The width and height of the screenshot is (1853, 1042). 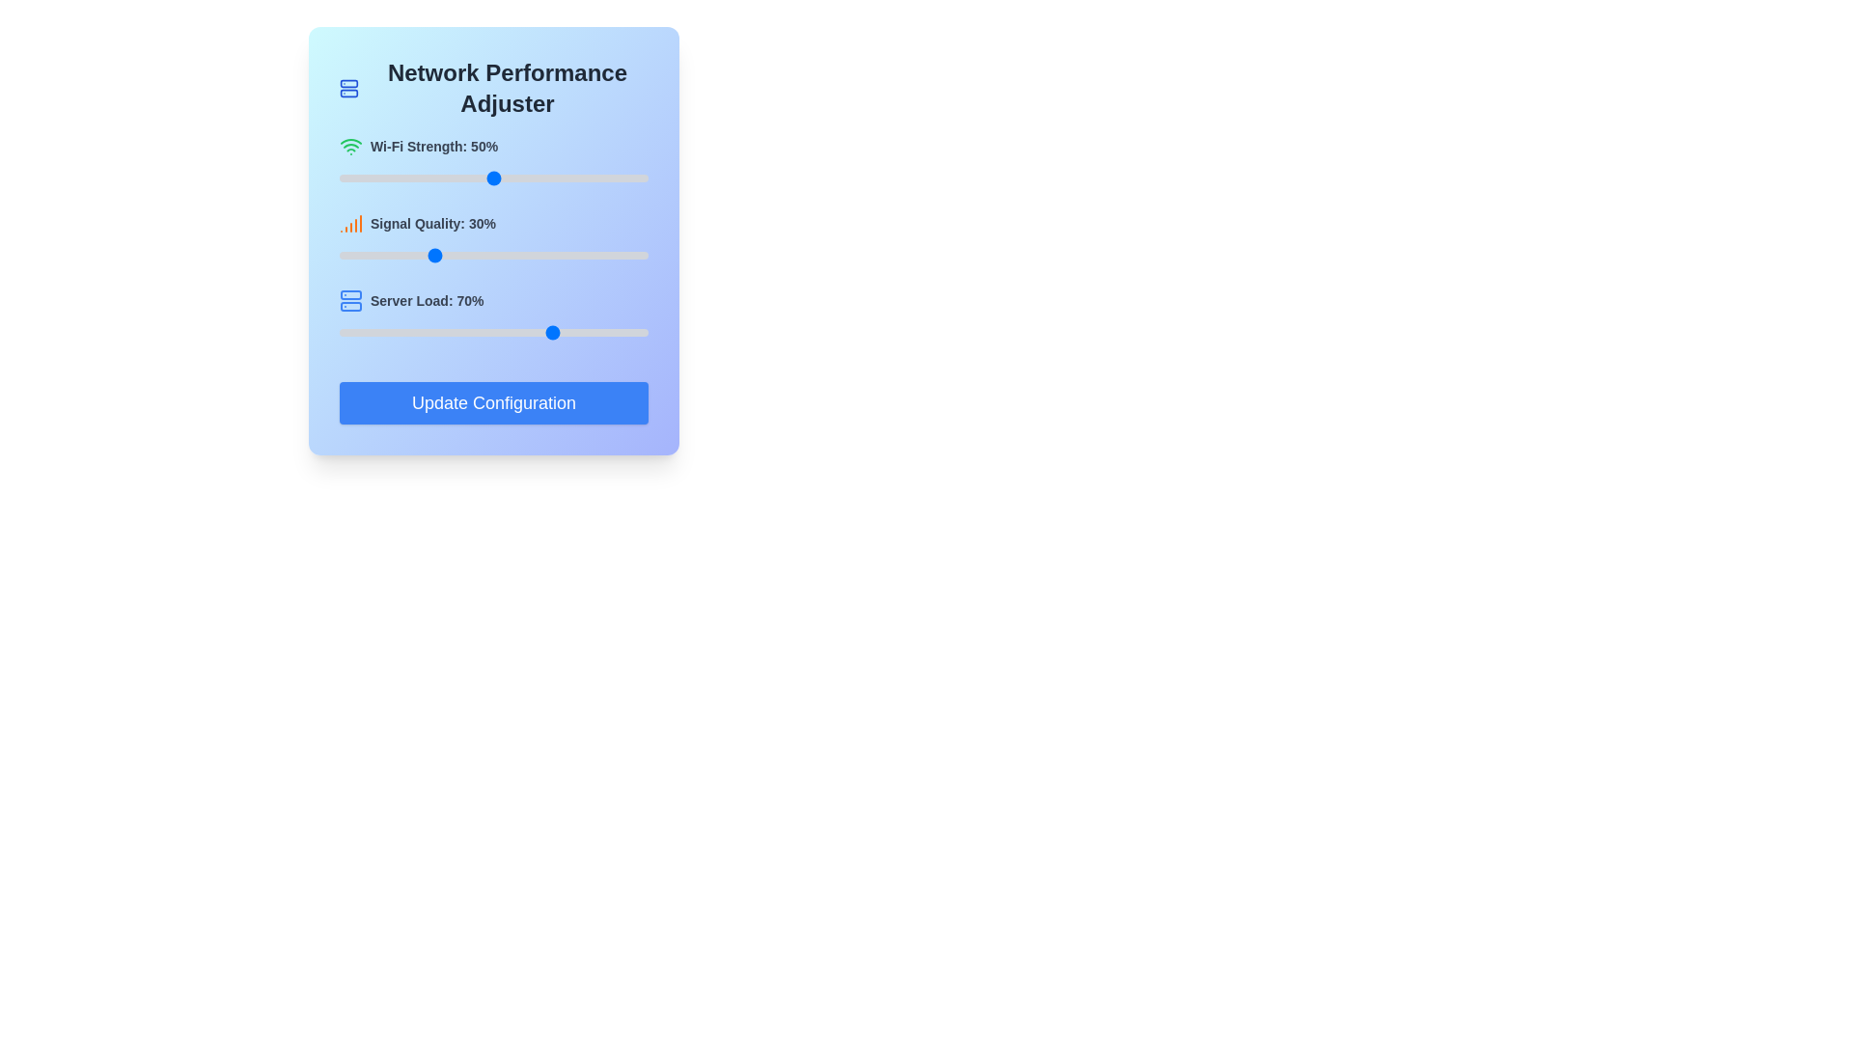 What do you see at coordinates (388, 331) in the screenshot?
I see `the Server Load slider` at bounding box center [388, 331].